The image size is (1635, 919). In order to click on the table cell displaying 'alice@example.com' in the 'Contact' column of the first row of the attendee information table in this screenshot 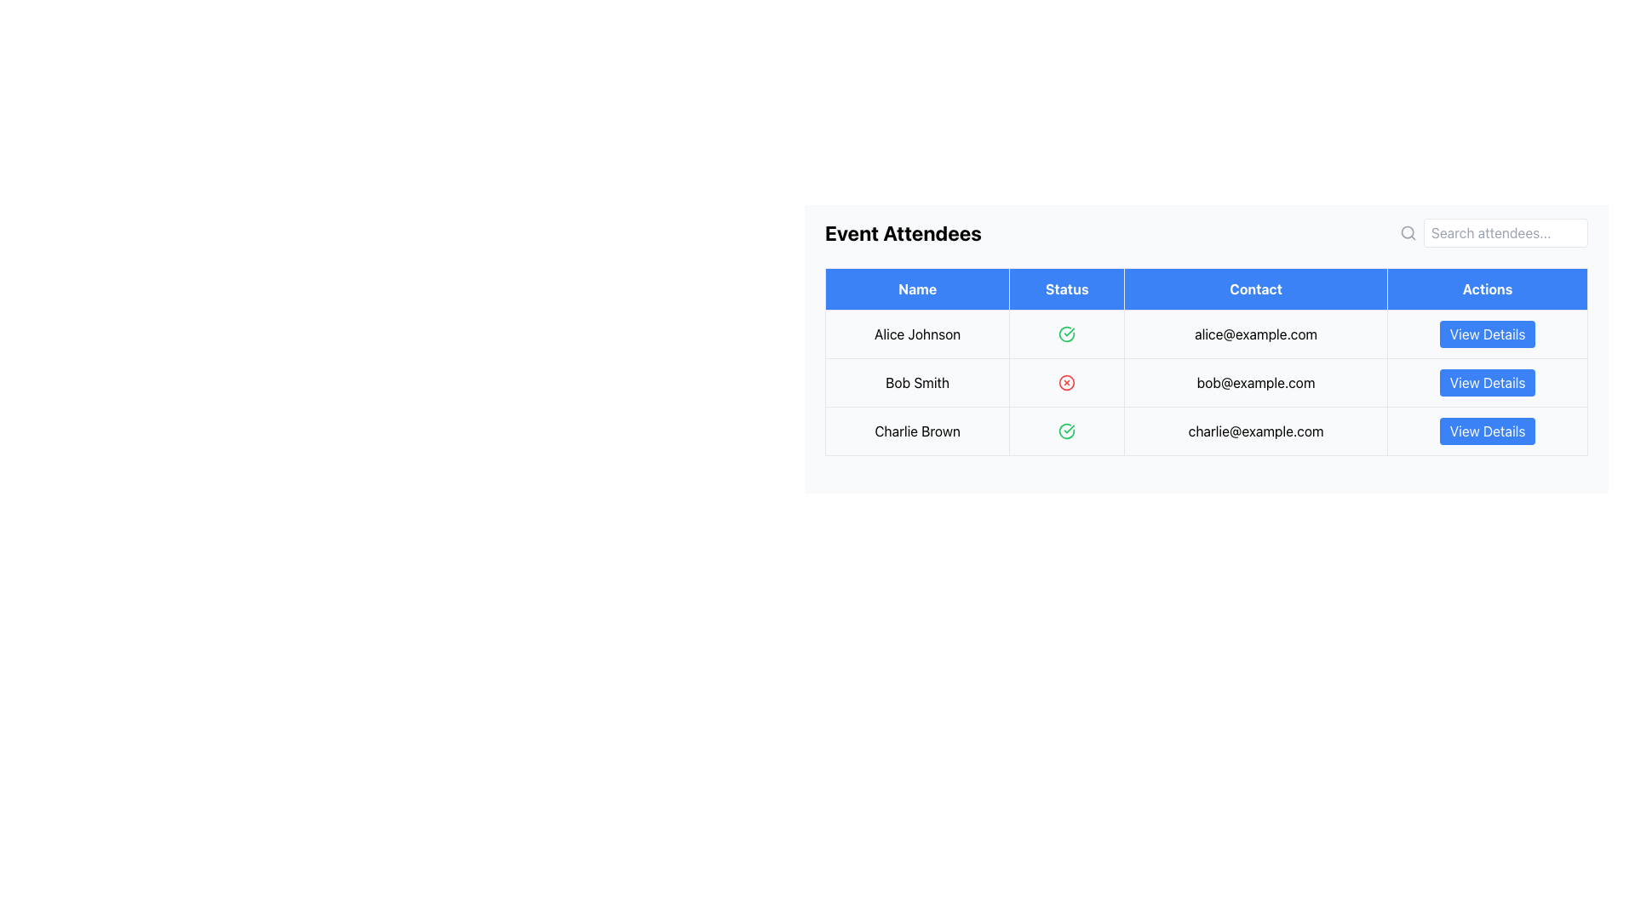, I will do `click(1256, 334)`.